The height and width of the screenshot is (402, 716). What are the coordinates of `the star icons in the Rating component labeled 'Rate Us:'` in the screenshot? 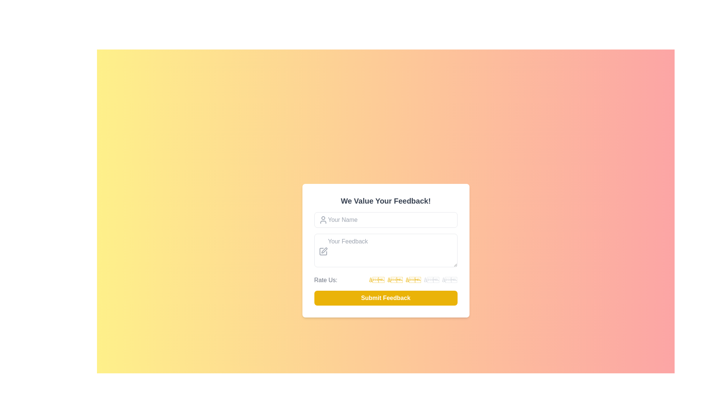 It's located at (386, 280).